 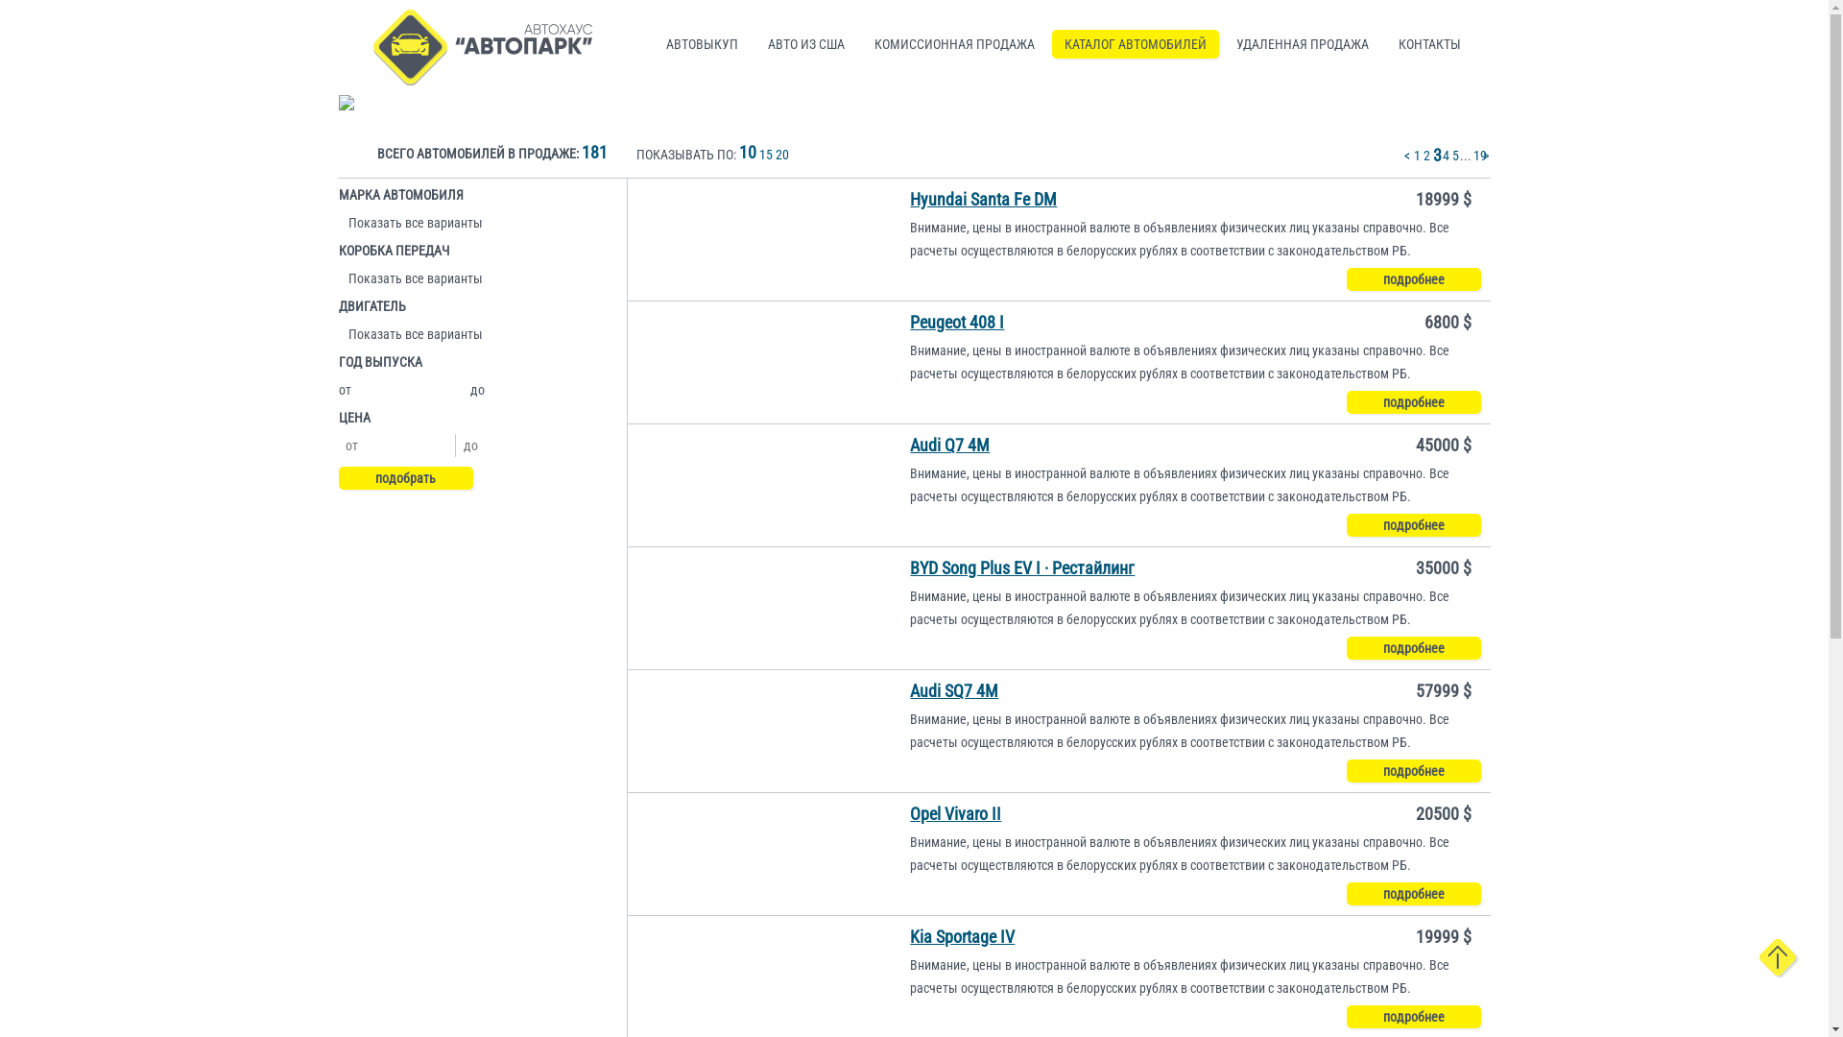 I want to click on '5', so click(x=1454, y=155).